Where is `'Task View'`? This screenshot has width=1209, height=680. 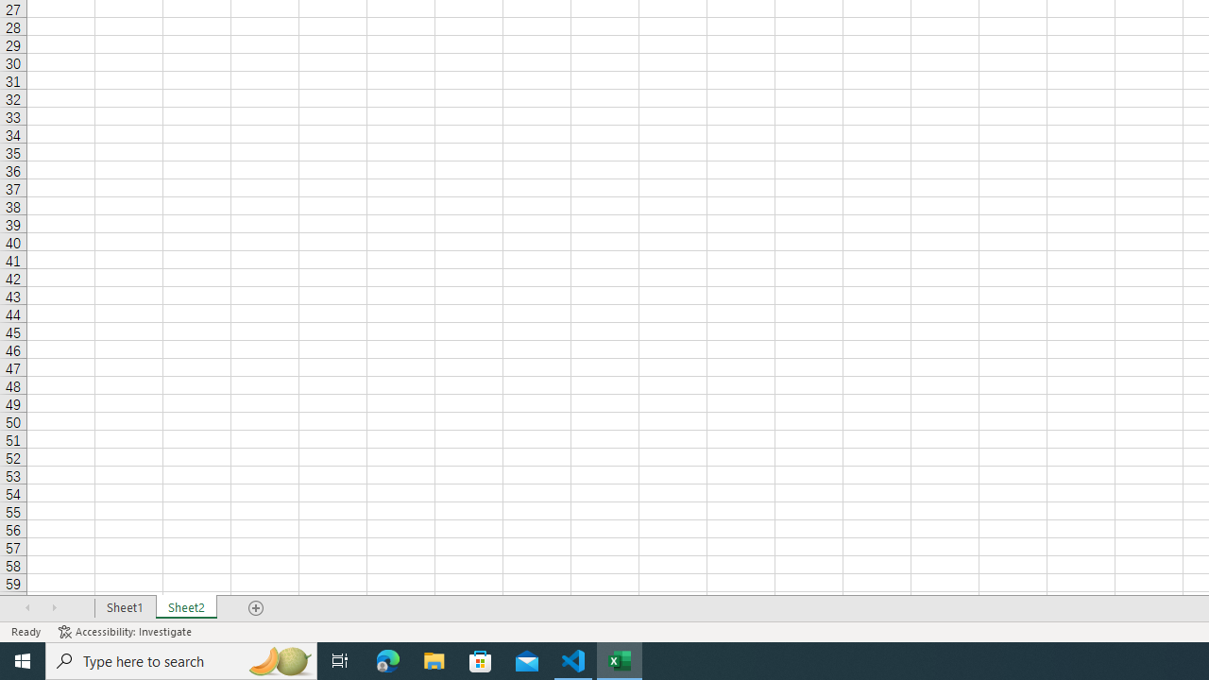
'Task View' is located at coordinates (339, 659).